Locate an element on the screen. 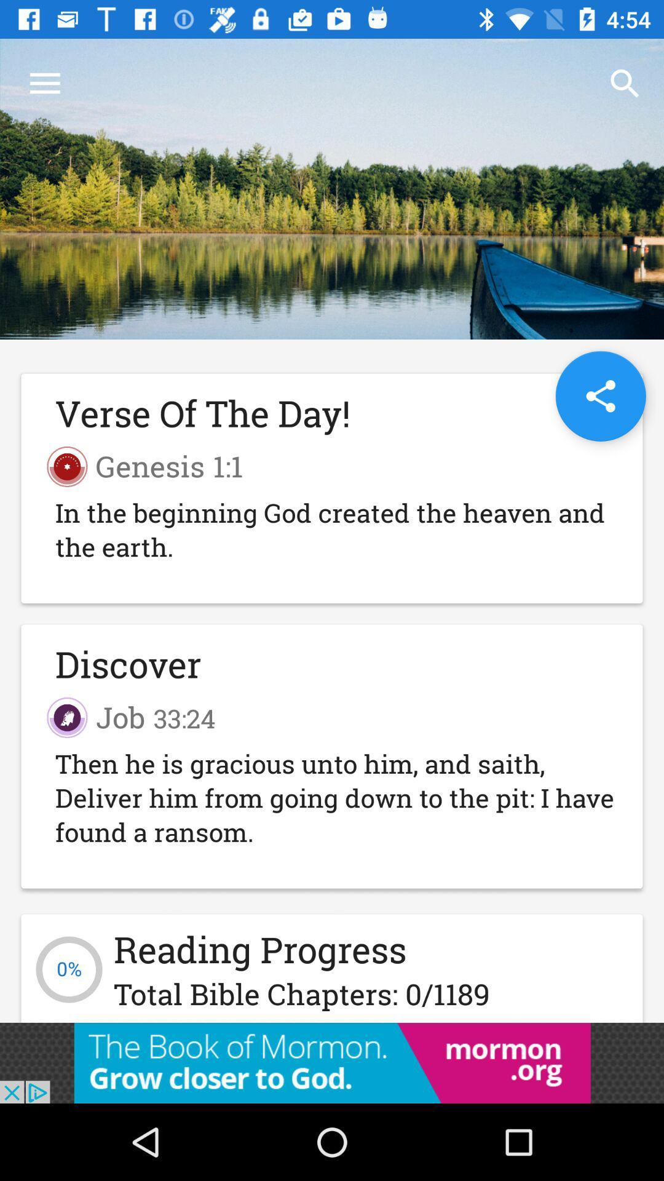  search location is located at coordinates (600, 396).